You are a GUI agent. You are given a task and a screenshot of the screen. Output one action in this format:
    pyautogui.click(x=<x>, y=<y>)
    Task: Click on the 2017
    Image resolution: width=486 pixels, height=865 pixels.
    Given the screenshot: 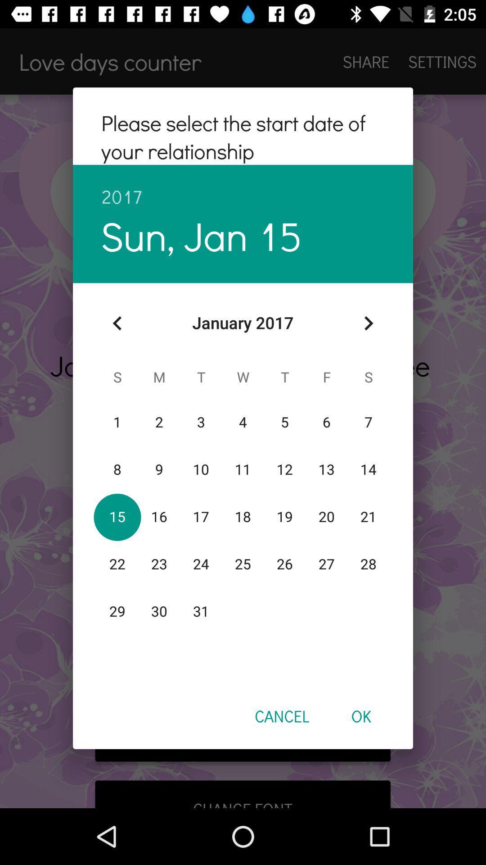 What is the action you would take?
    pyautogui.click(x=243, y=186)
    